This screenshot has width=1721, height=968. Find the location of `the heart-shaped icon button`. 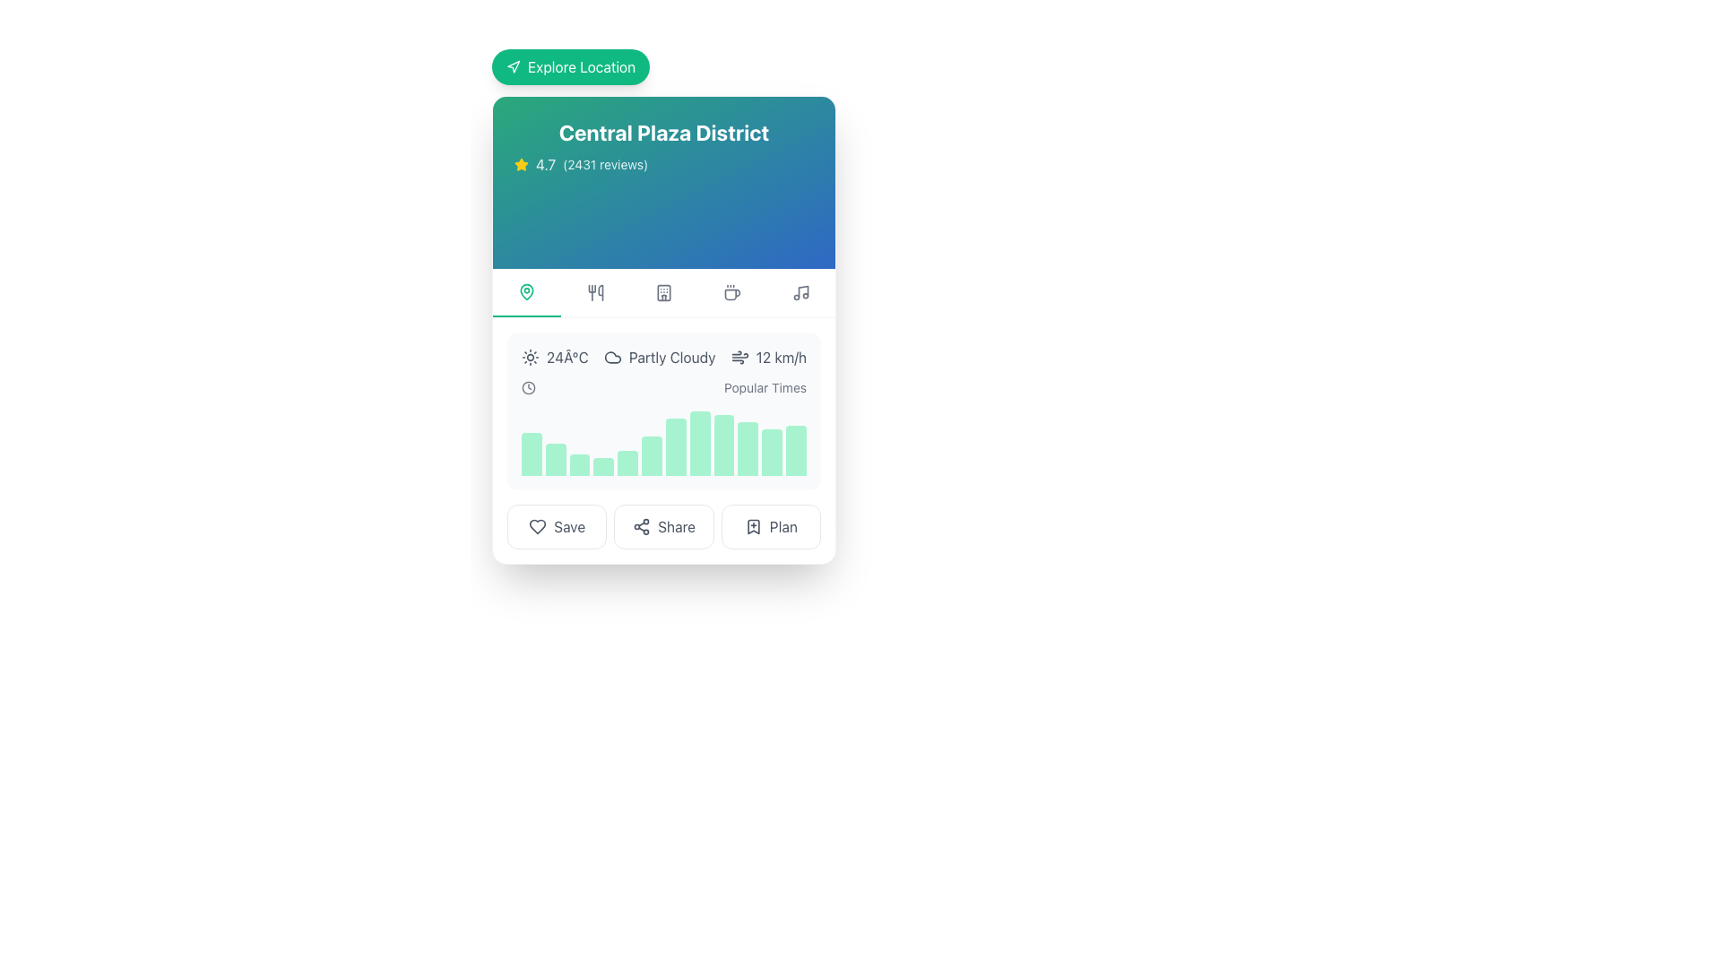

the heart-shaped icon button is located at coordinates (537, 525).